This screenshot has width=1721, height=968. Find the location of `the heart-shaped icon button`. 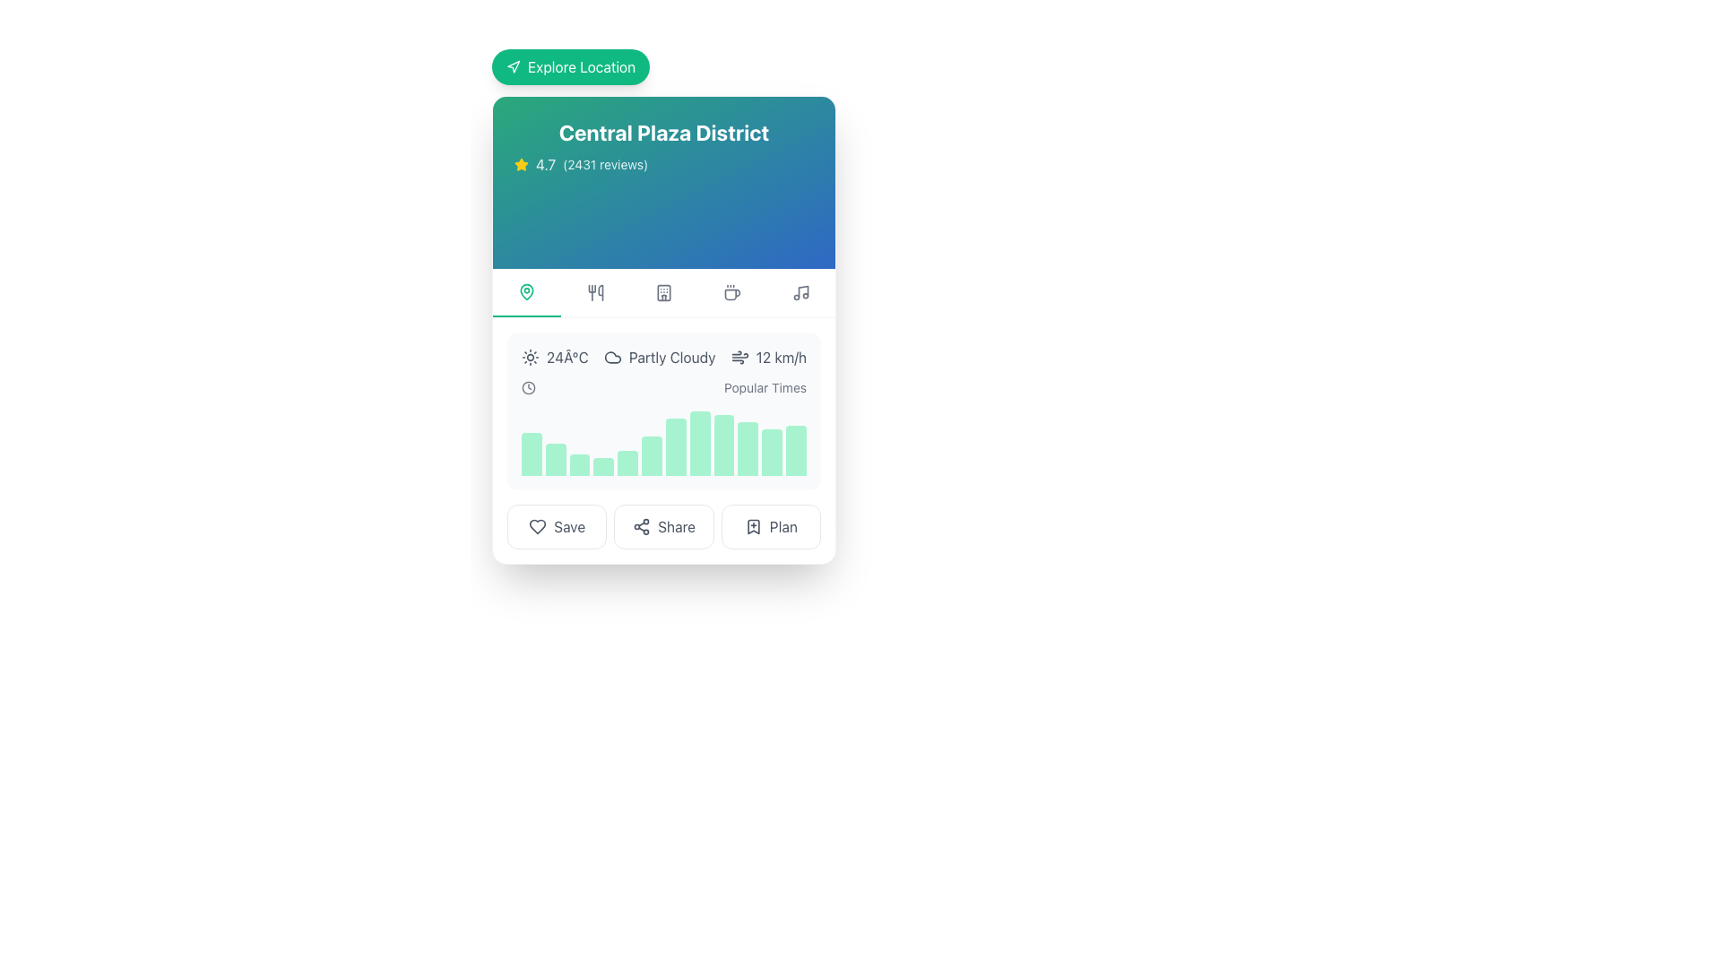

the heart-shaped icon button is located at coordinates (537, 525).